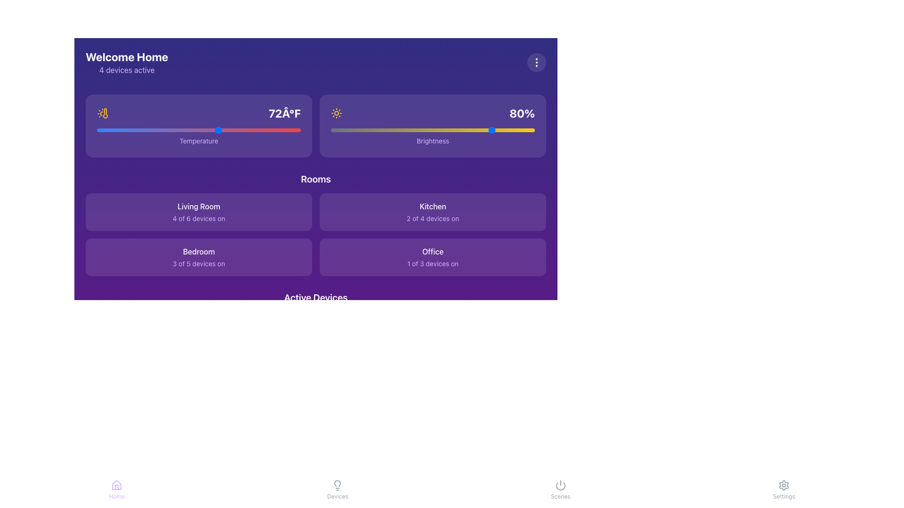 The image size is (904, 508). What do you see at coordinates (290, 130) in the screenshot?
I see `the temperature` at bounding box center [290, 130].